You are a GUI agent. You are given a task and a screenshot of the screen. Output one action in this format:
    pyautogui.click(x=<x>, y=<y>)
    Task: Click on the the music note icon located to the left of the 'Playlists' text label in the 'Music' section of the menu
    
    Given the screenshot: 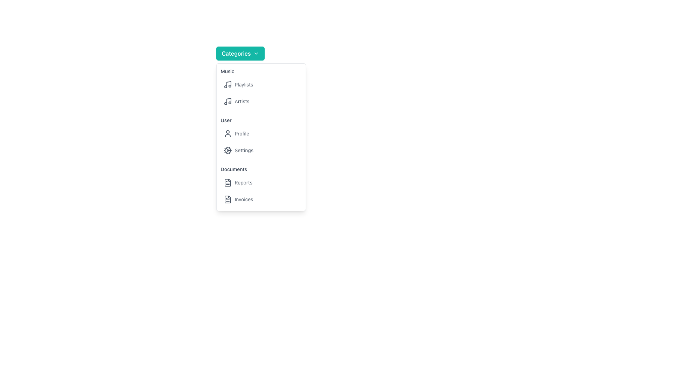 What is the action you would take?
    pyautogui.click(x=227, y=84)
    